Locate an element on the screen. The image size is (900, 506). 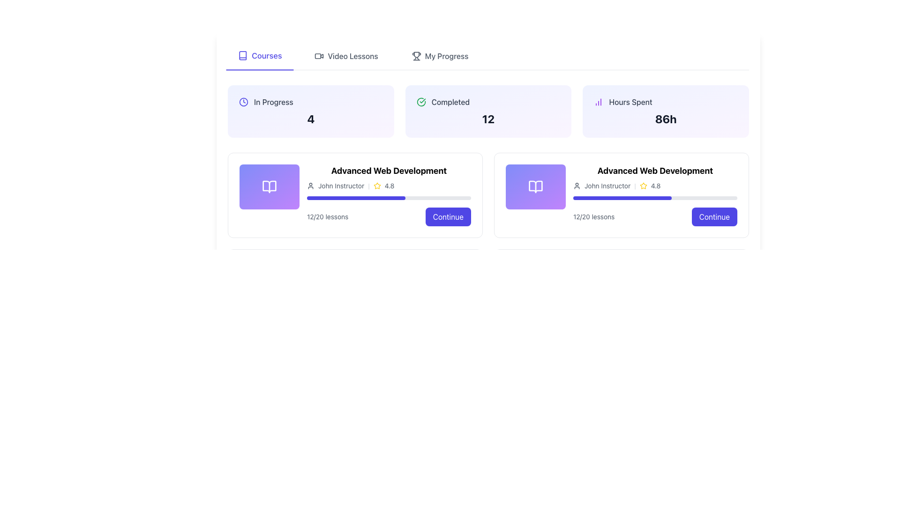
the textual separator element that visually separates the instructor's name from the rating value, located in the center-right area of the layout is located at coordinates (635, 186).